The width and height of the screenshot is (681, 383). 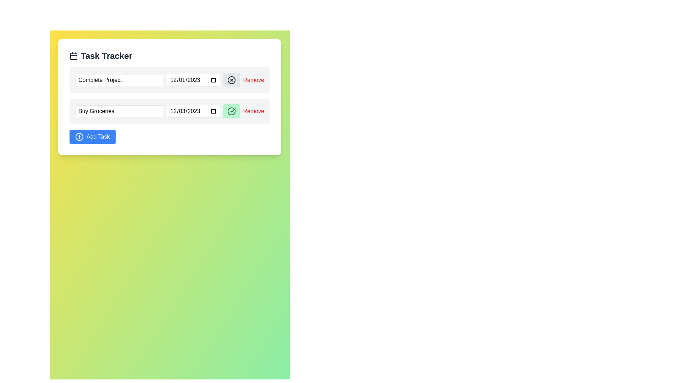 I want to click on the Date input field, which is a rectangular field displaying '12/01/2023' and has a calendar icon to its right, for focus, so click(x=193, y=80).